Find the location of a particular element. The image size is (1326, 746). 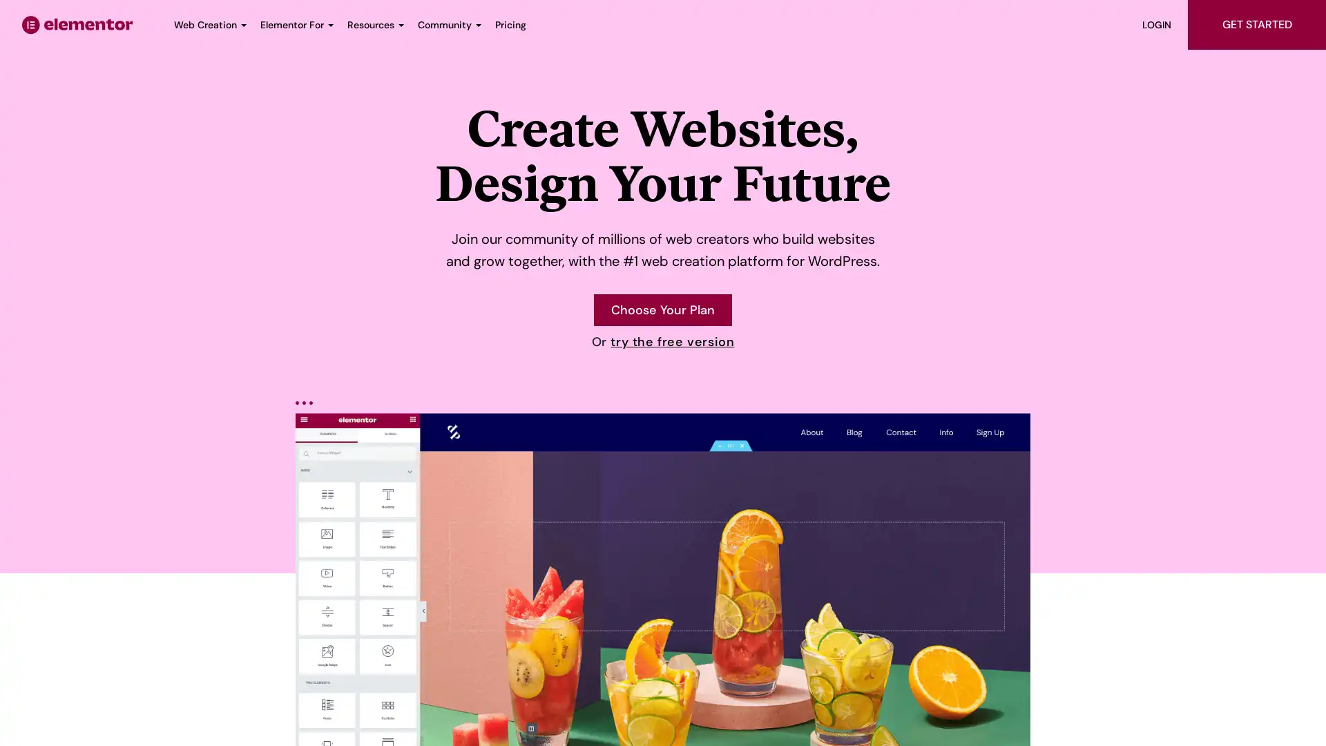

Choose your Elementor plan is located at coordinates (663, 309).